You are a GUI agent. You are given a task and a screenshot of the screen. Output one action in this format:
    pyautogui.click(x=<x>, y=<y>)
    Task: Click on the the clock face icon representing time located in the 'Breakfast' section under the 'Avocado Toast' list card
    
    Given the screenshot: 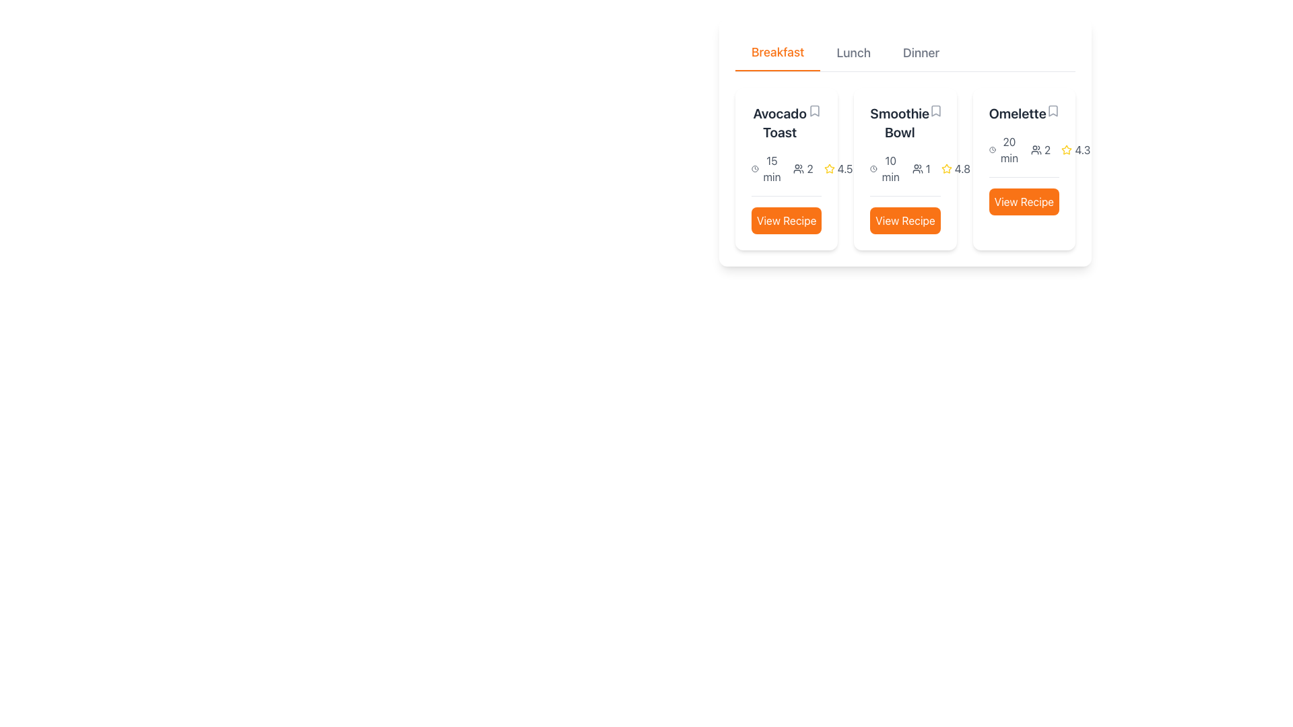 What is the action you would take?
    pyautogui.click(x=755, y=168)
    